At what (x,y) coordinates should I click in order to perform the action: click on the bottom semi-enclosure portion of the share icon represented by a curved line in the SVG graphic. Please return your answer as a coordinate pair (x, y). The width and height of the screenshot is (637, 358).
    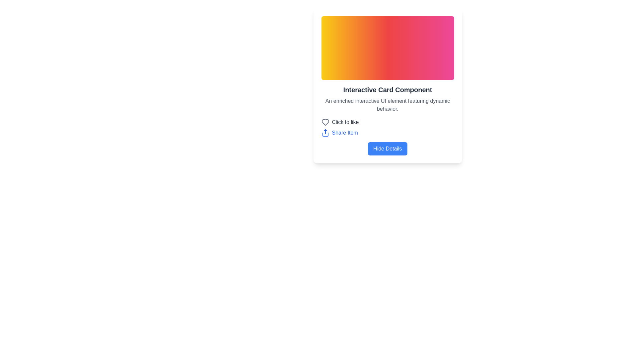
    Looking at the image, I should click on (325, 134).